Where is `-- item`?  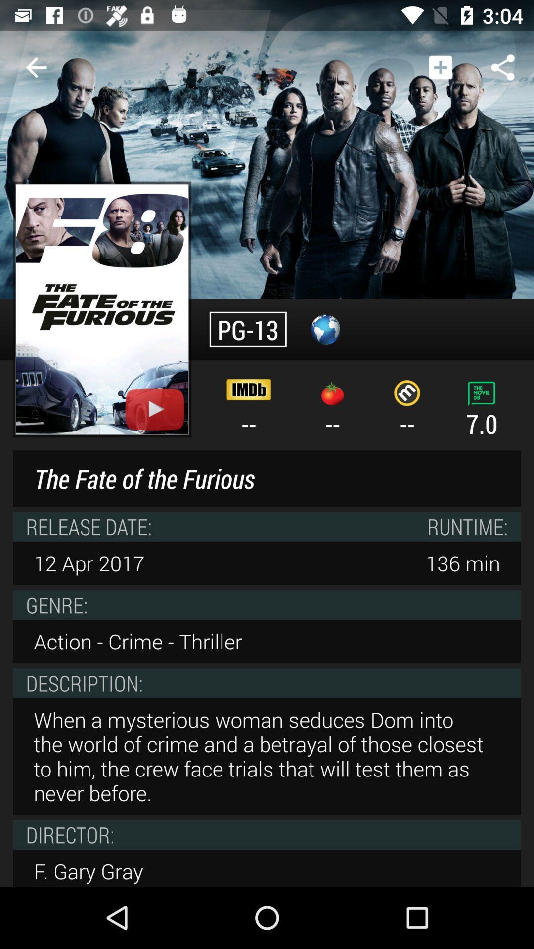 -- item is located at coordinates (333, 411).